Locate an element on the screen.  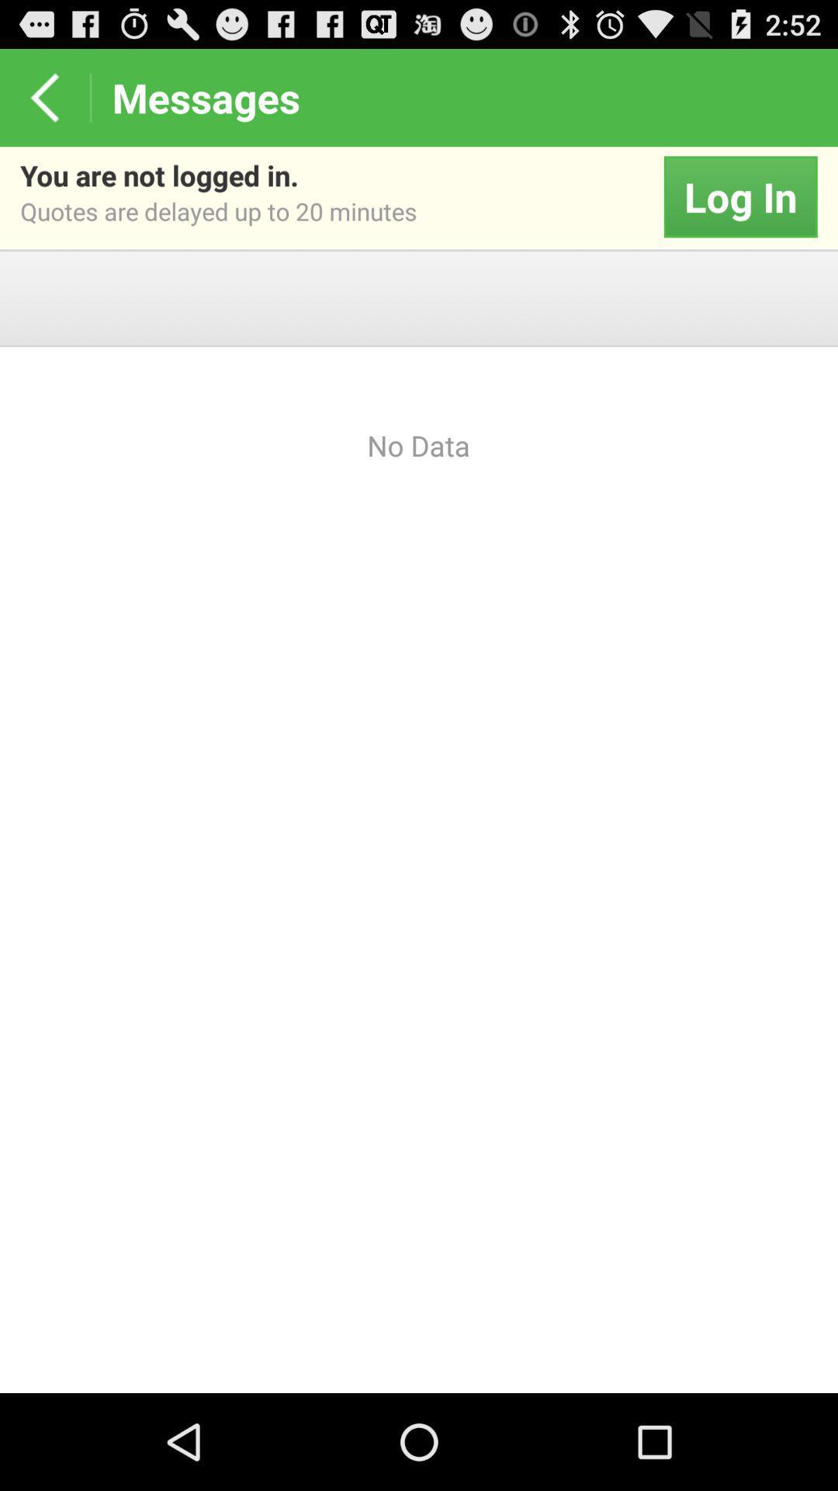
log in button is located at coordinates (739, 196).